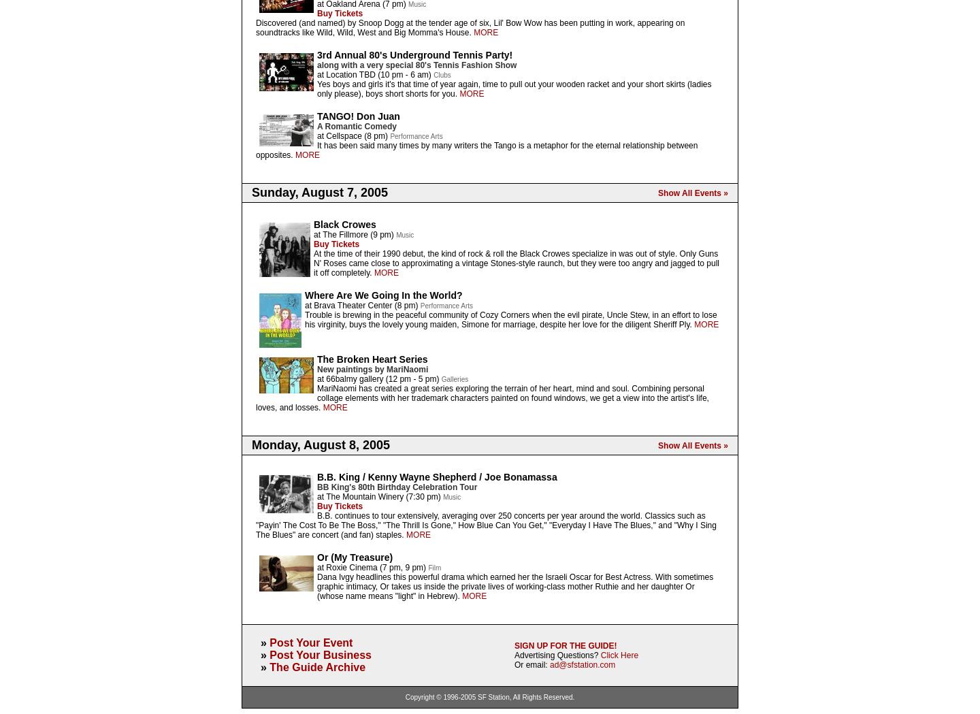 The image size is (980, 714). What do you see at coordinates (378, 379) in the screenshot?
I see `'at 66balmy gallery (12 pm - 5 pm)'` at bounding box center [378, 379].